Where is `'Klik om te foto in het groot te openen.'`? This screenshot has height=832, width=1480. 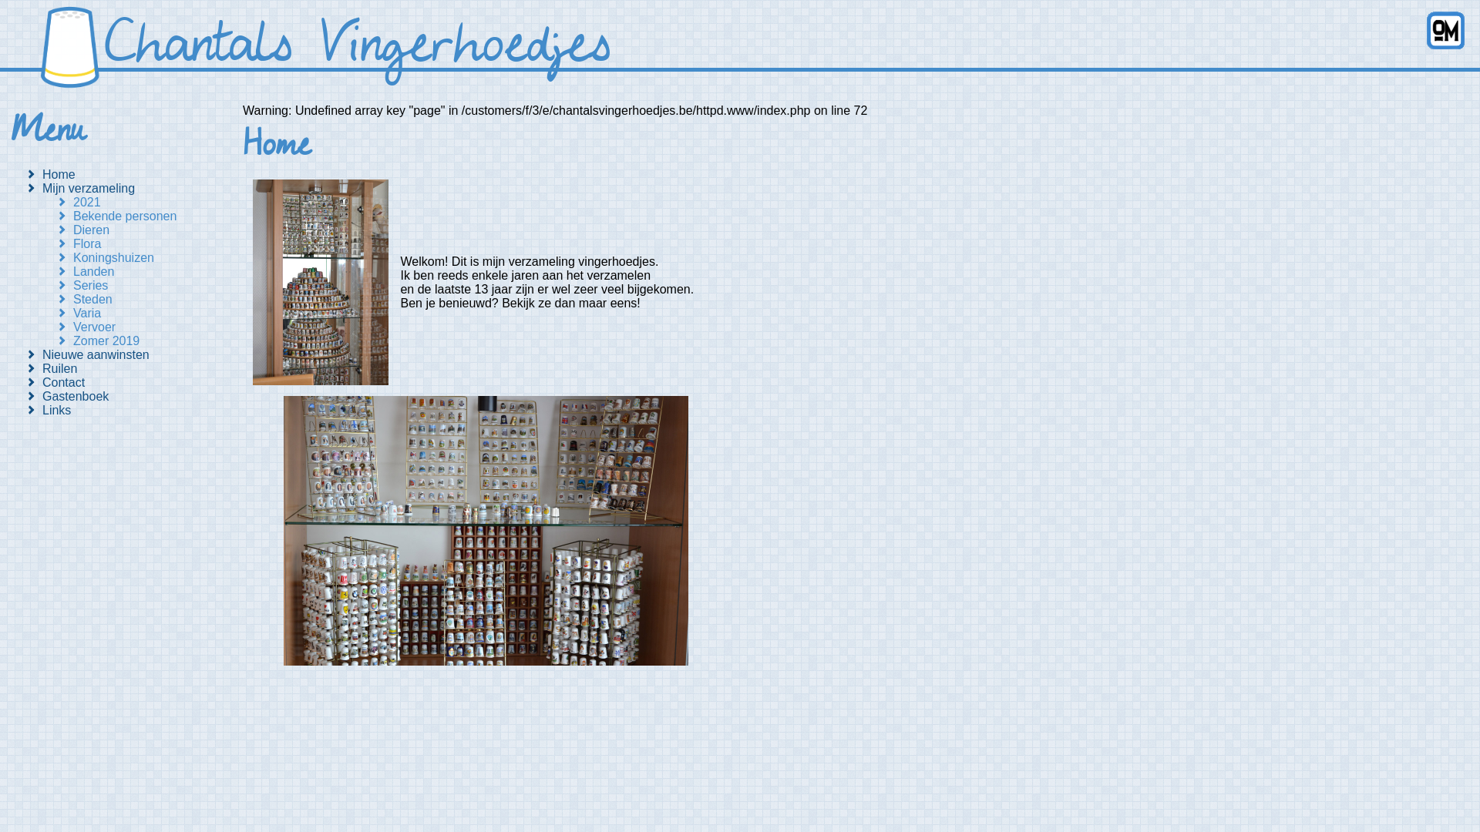
'Klik om te foto in het groot te openen.' is located at coordinates (469, 660).